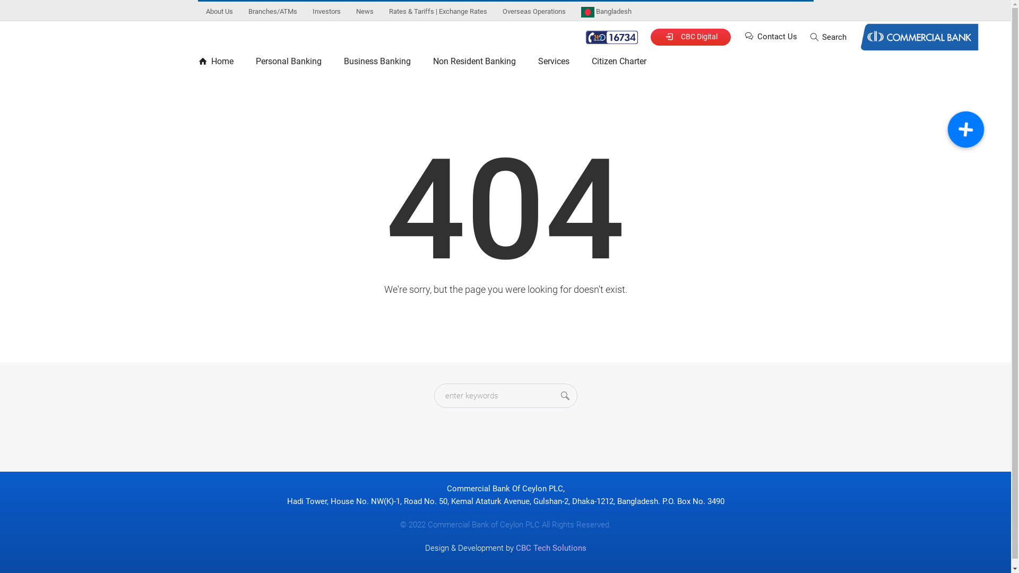  I want to click on 'CBC Tech Solutions', so click(551, 548).